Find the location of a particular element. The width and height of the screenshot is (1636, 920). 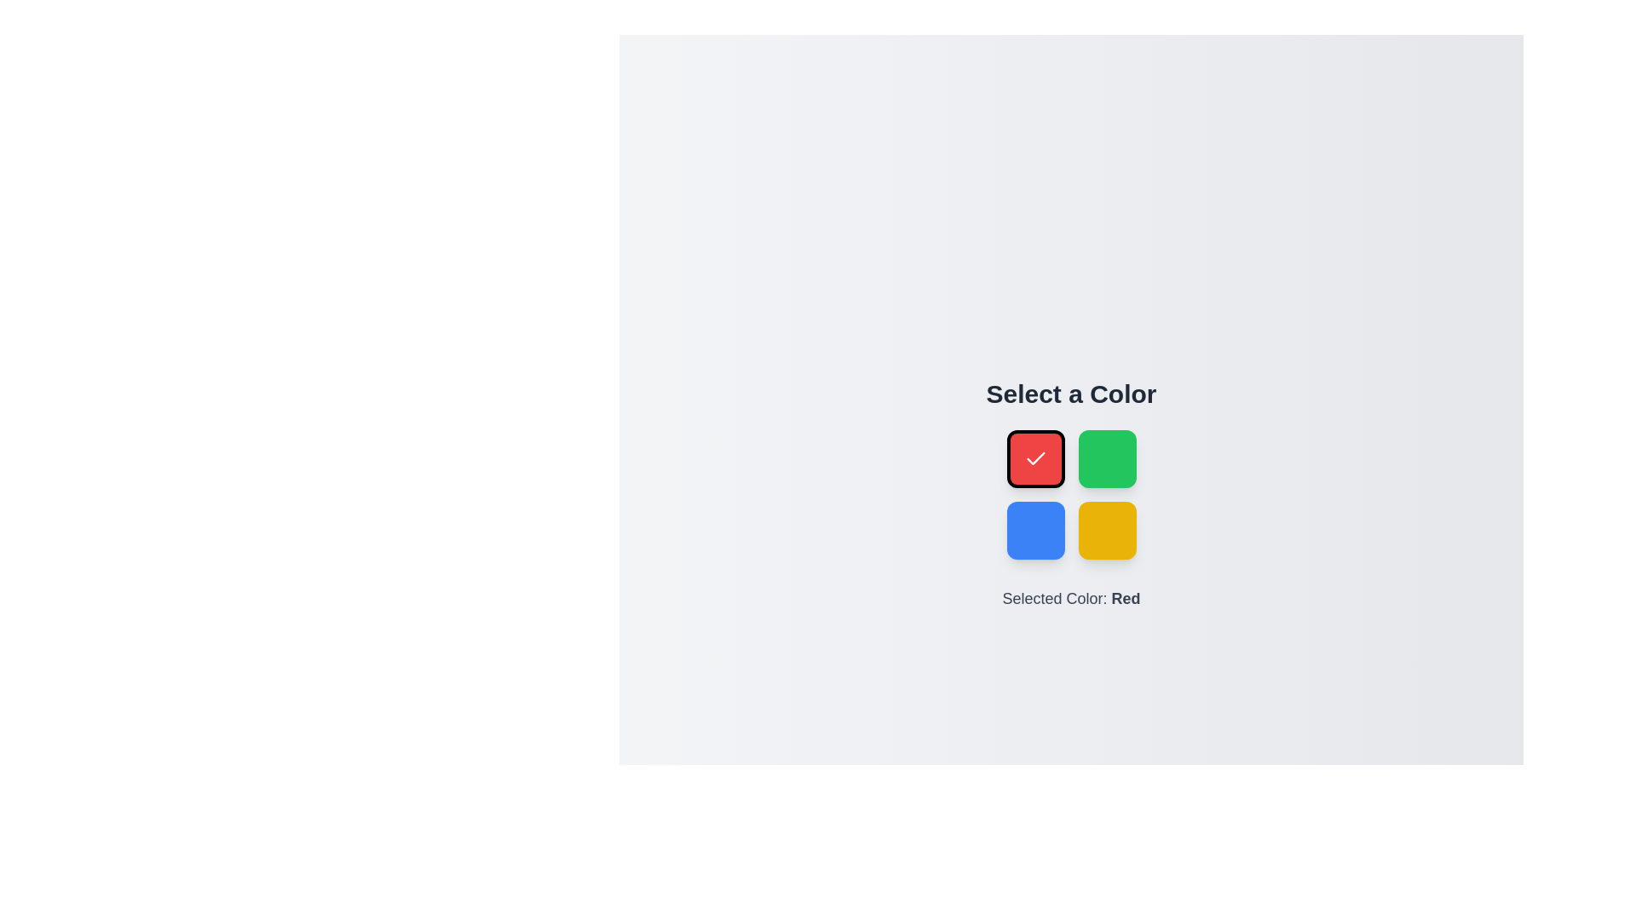

the color Yellow by clicking on its corresponding button is located at coordinates (1107, 530).